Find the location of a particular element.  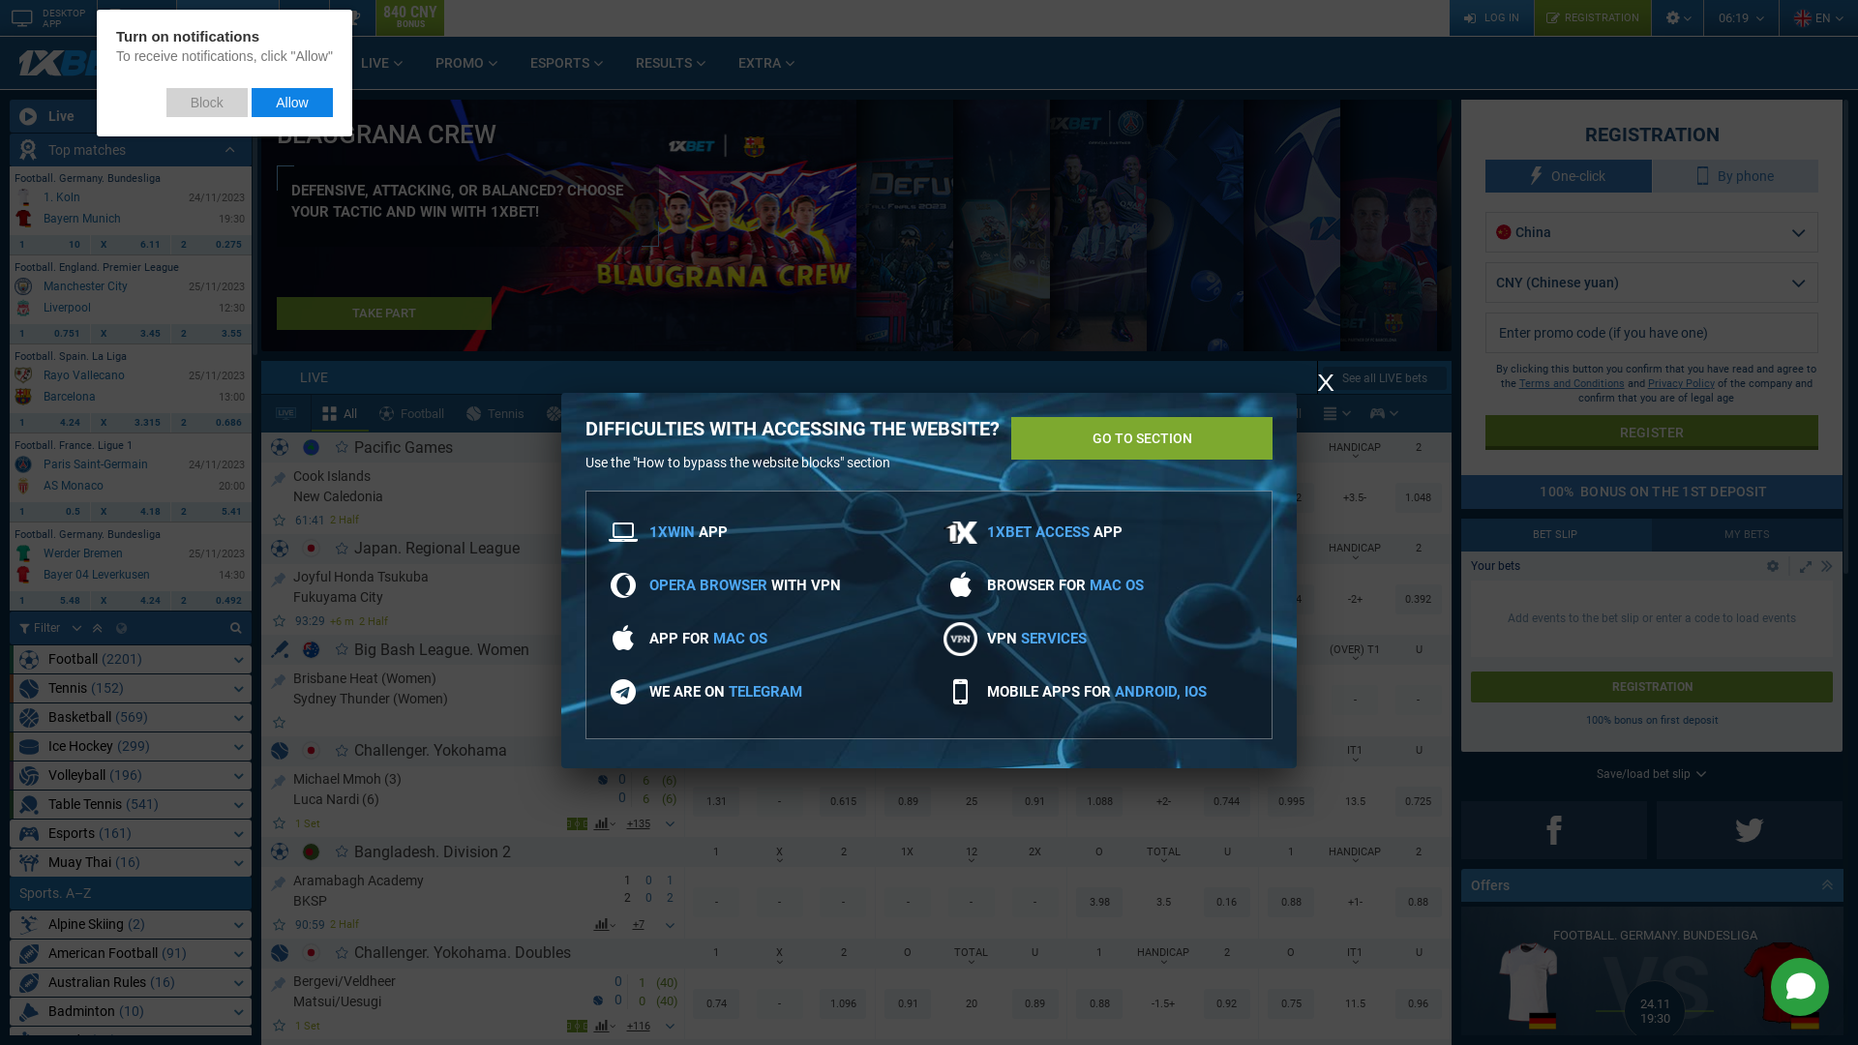

'Allow' is located at coordinates (250, 102).